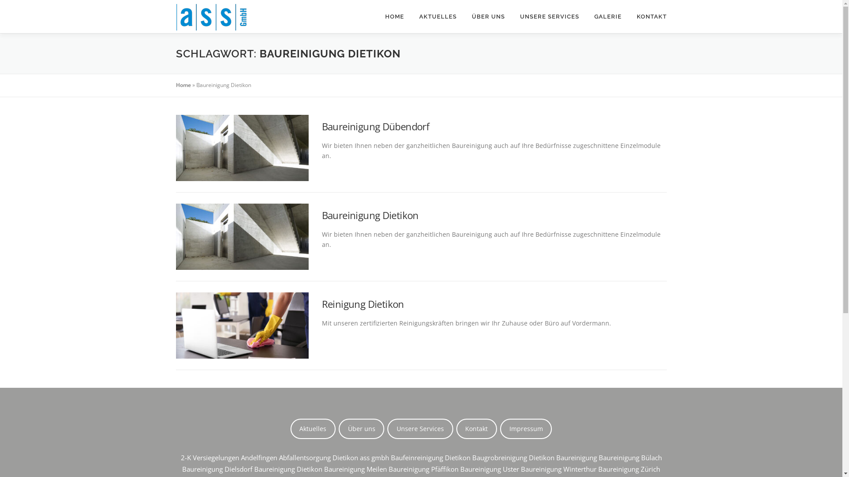  I want to click on 'Baureinigung Meilen', so click(356, 468).